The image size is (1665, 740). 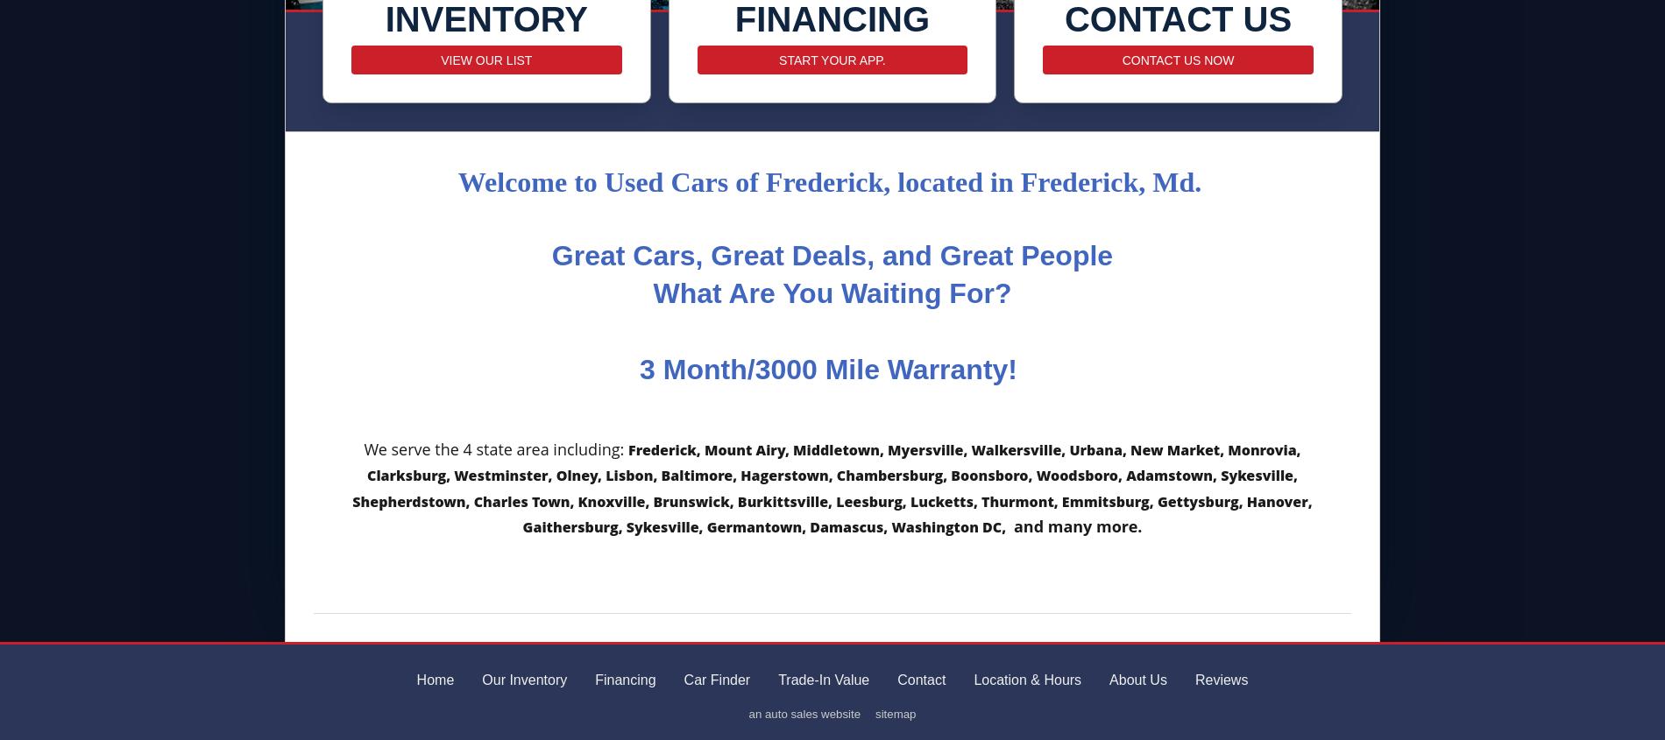 What do you see at coordinates (973, 679) in the screenshot?
I see `'Location & Hours'` at bounding box center [973, 679].